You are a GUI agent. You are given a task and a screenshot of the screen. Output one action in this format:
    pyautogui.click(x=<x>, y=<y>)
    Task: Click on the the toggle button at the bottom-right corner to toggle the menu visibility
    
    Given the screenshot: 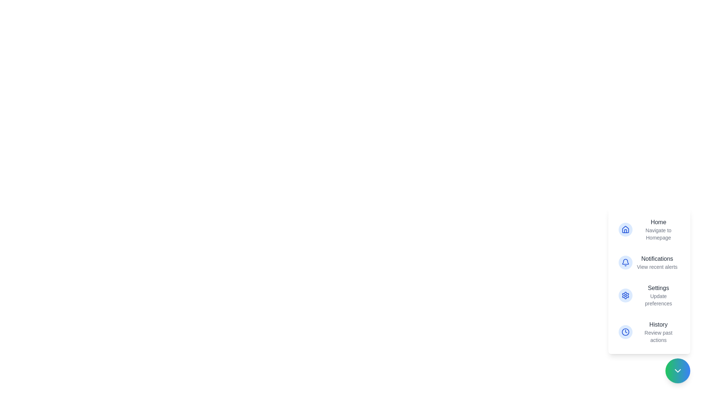 What is the action you would take?
    pyautogui.click(x=677, y=371)
    